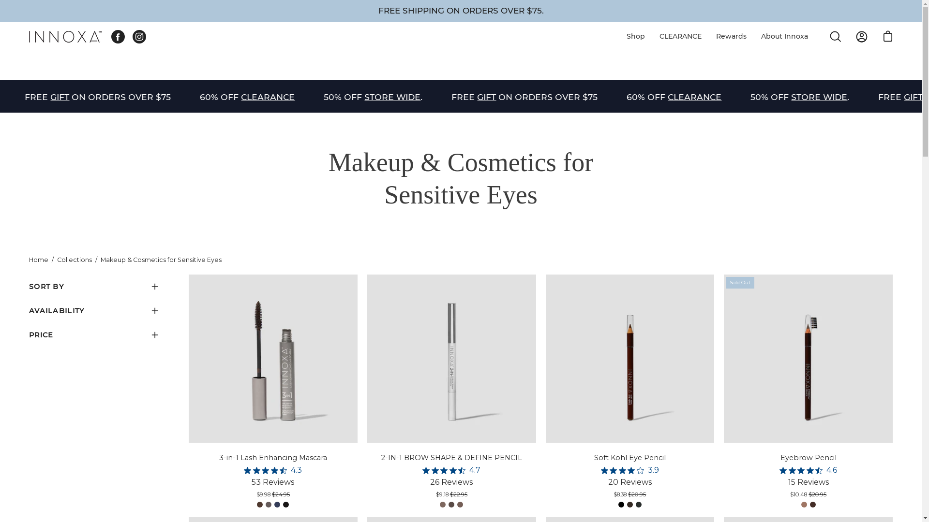 This screenshot has height=522, width=929. What do you see at coordinates (276, 504) in the screenshot?
I see `'3-in-1 Lash Enhancing Mascara - Navy'` at bounding box center [276, 504].